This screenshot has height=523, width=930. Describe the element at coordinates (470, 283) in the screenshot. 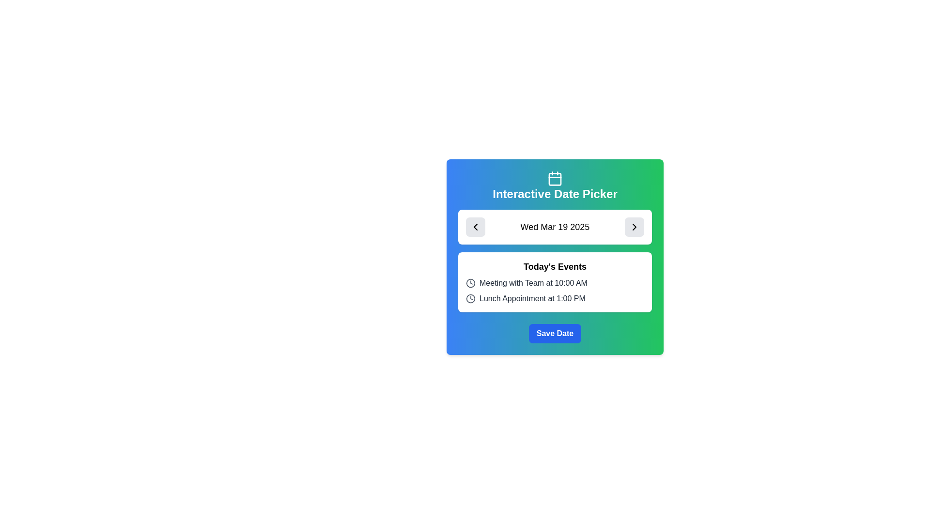

I see `the clock icon with a grey outline located to the left of the text 'Meeting with Team at 10:00 AM' in the event list section` at that location.